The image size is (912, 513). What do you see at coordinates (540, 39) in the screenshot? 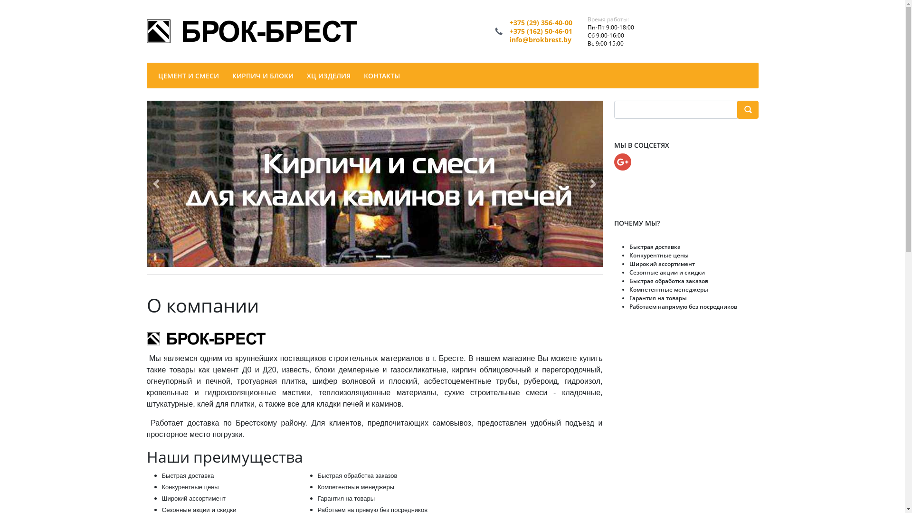
I see `'info@brokbrest.by'` at bounding box center [540, 39].